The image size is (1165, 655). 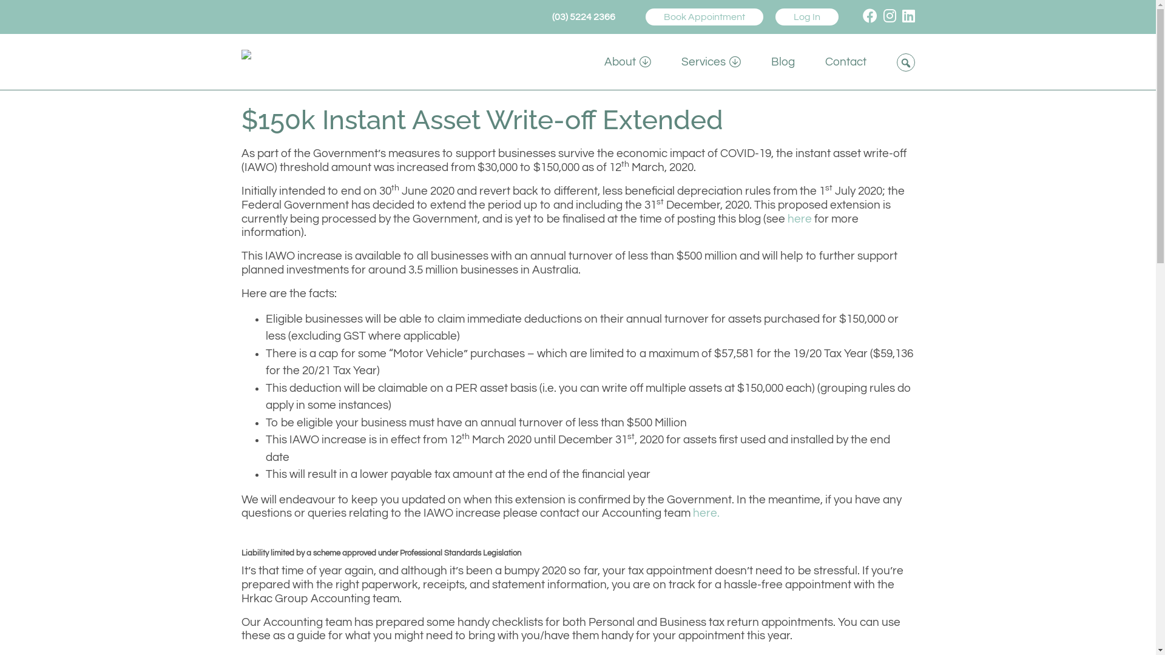 I want to click on '(03) 5224 2366', so click(x=583, y=16).